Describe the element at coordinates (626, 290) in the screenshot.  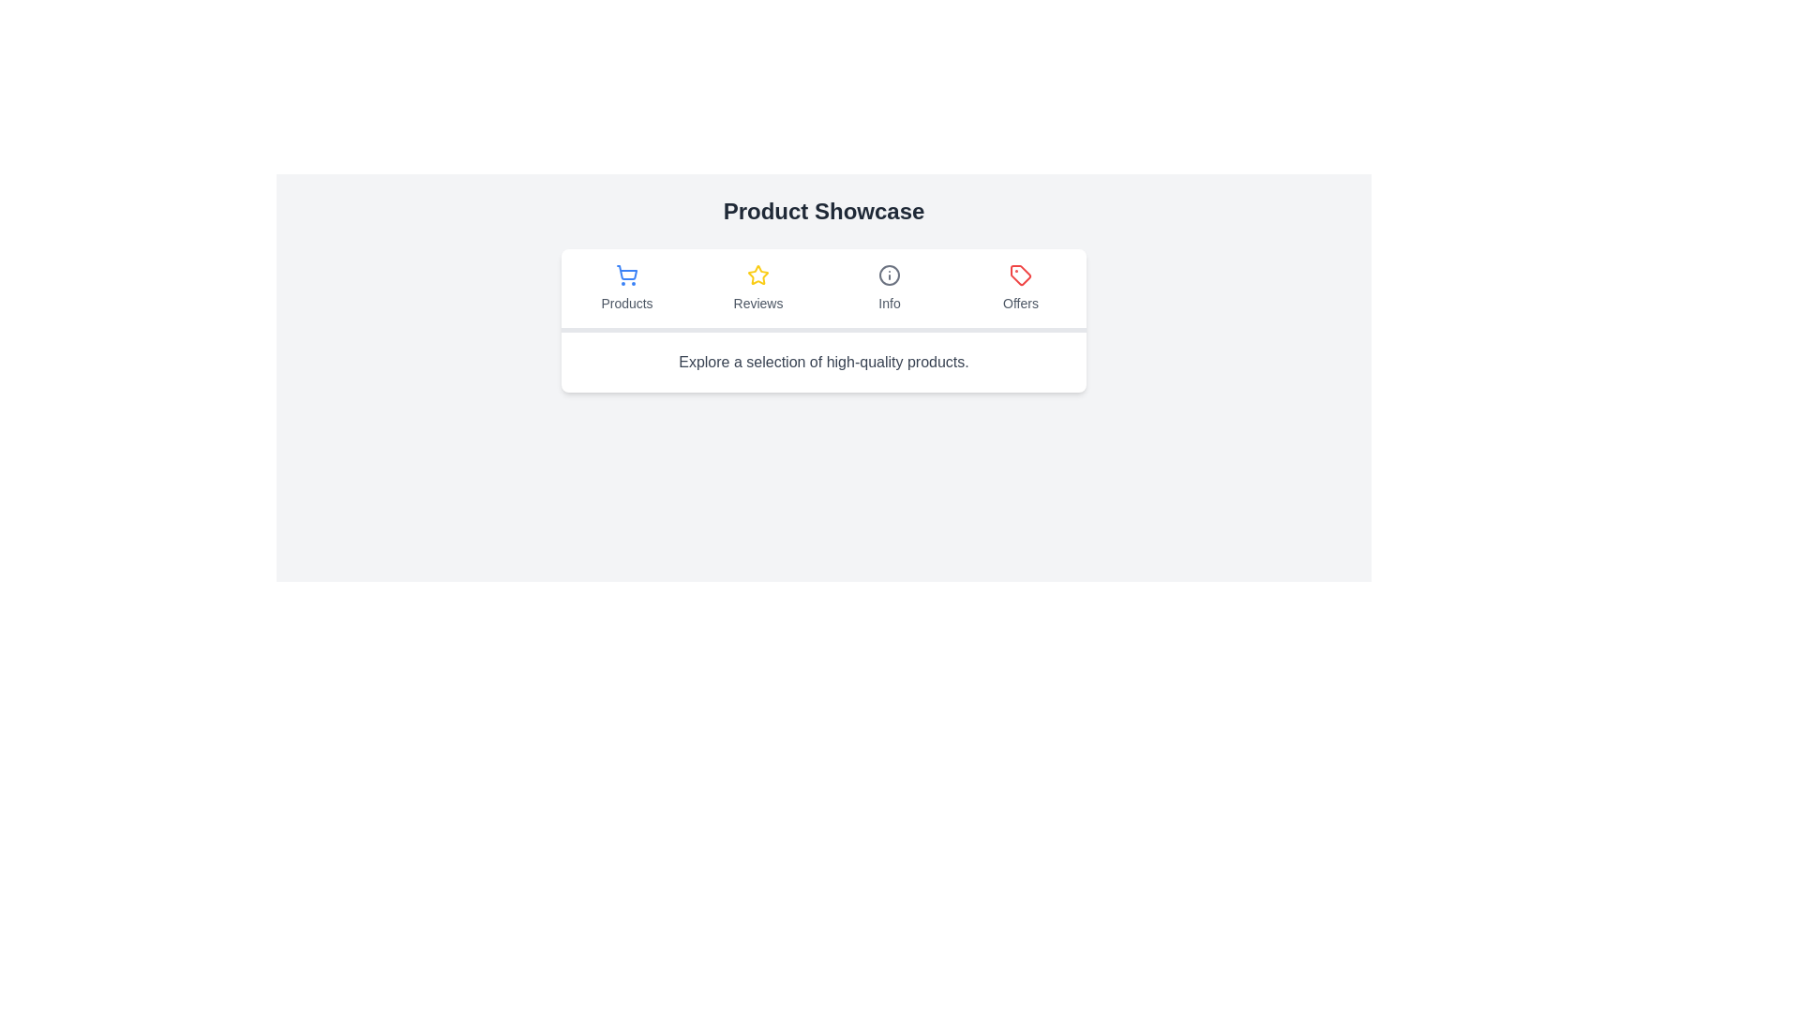
I see `the 'Products' tab button, which features a shopping cart icon above the text` at that location.